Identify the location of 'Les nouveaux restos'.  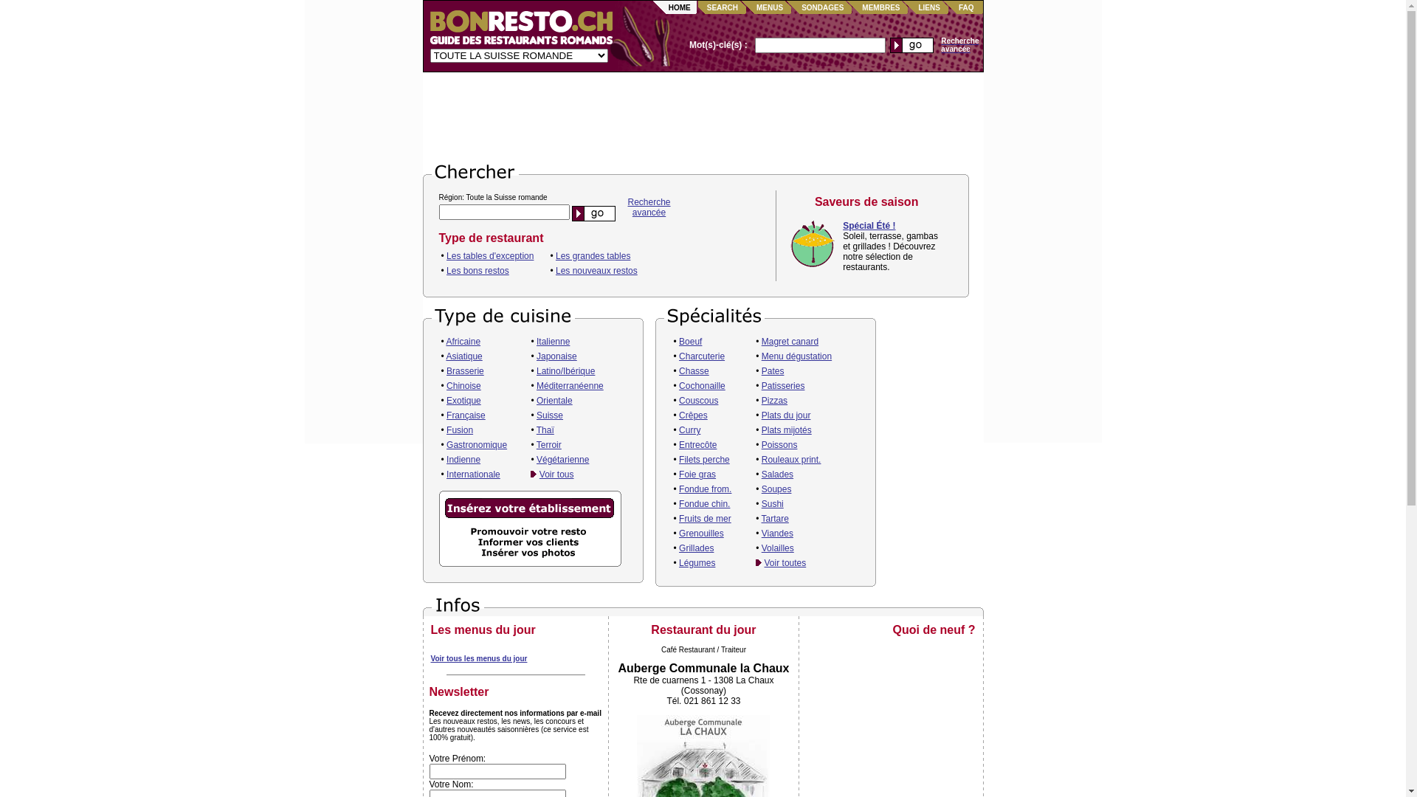
(596, 270).